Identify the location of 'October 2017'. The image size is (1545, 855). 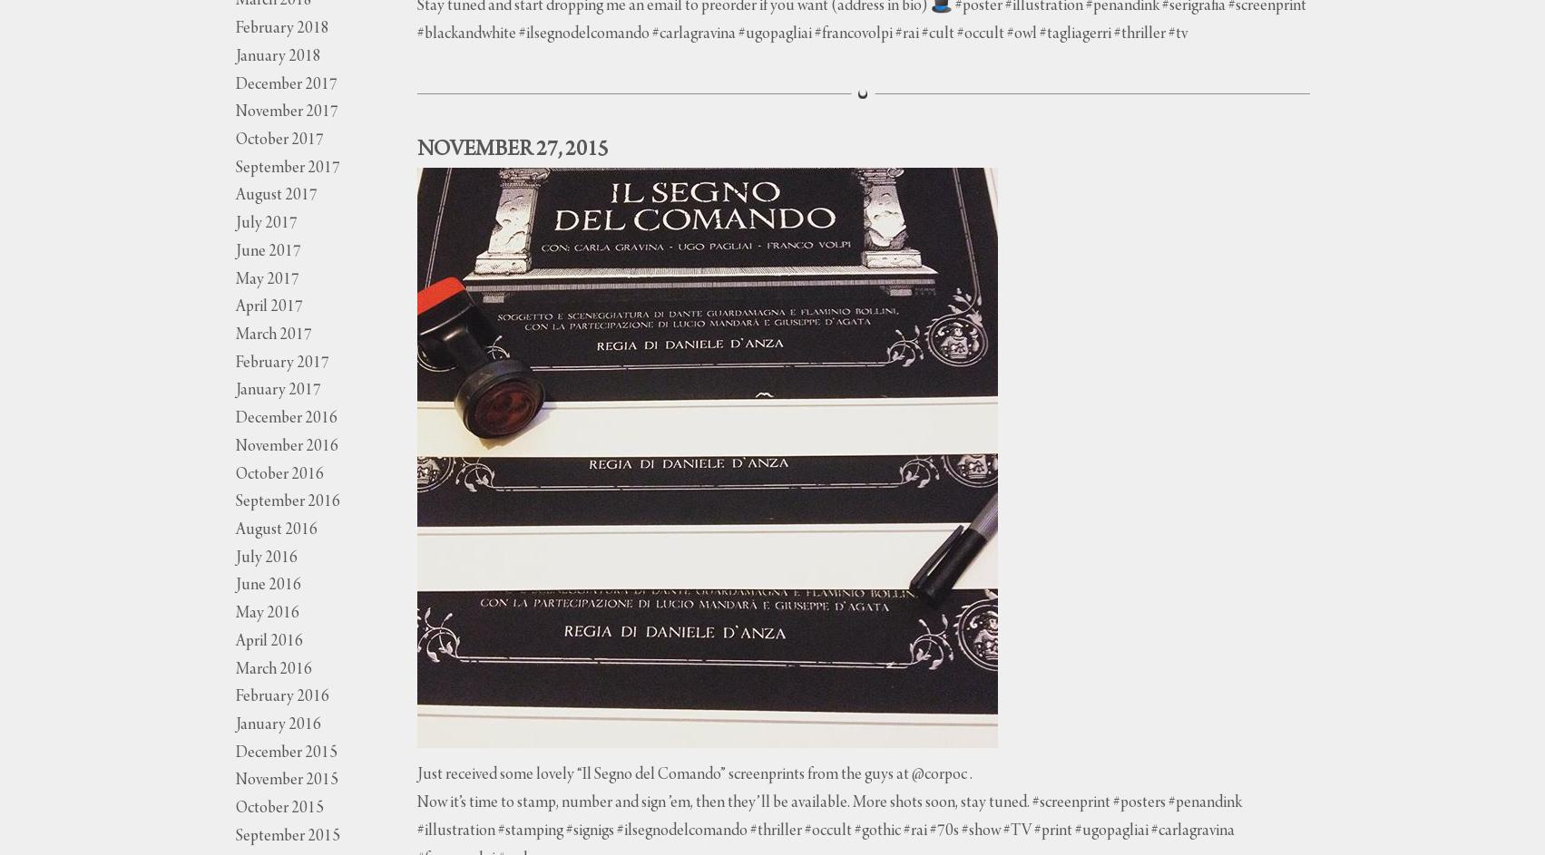
(234, 140).